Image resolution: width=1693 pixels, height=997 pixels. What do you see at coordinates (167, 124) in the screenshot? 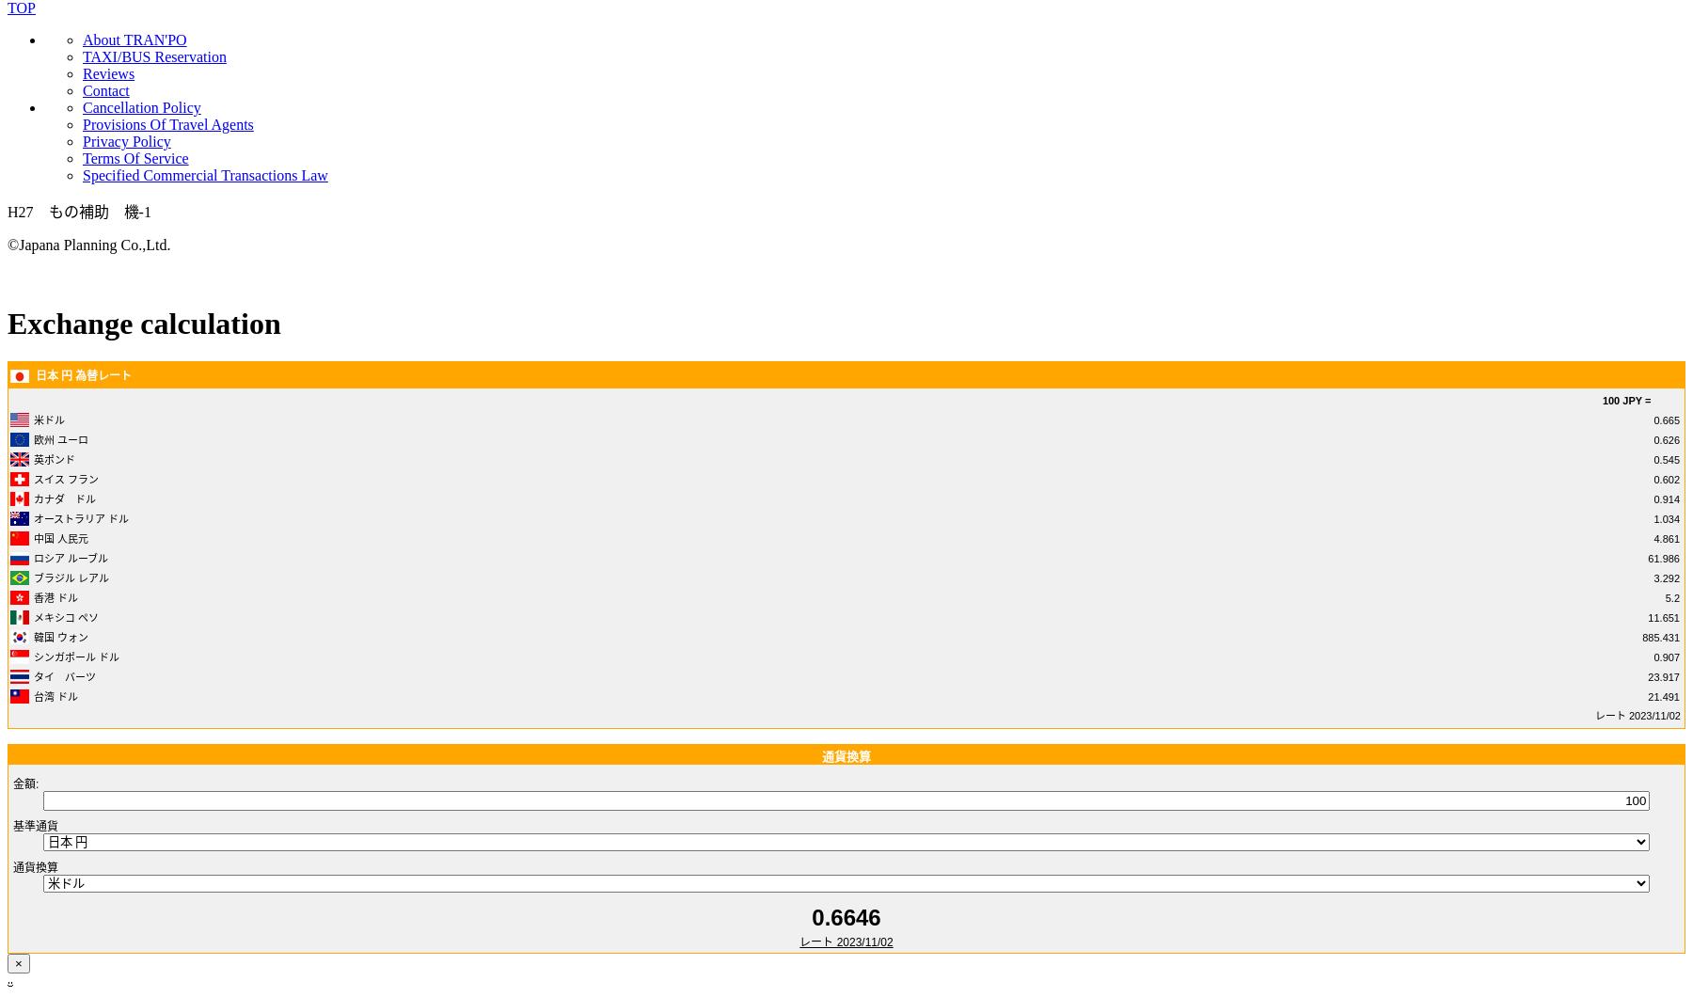
I see `'Provisions Of Travel Agents'` at bounding box center [167, 124].